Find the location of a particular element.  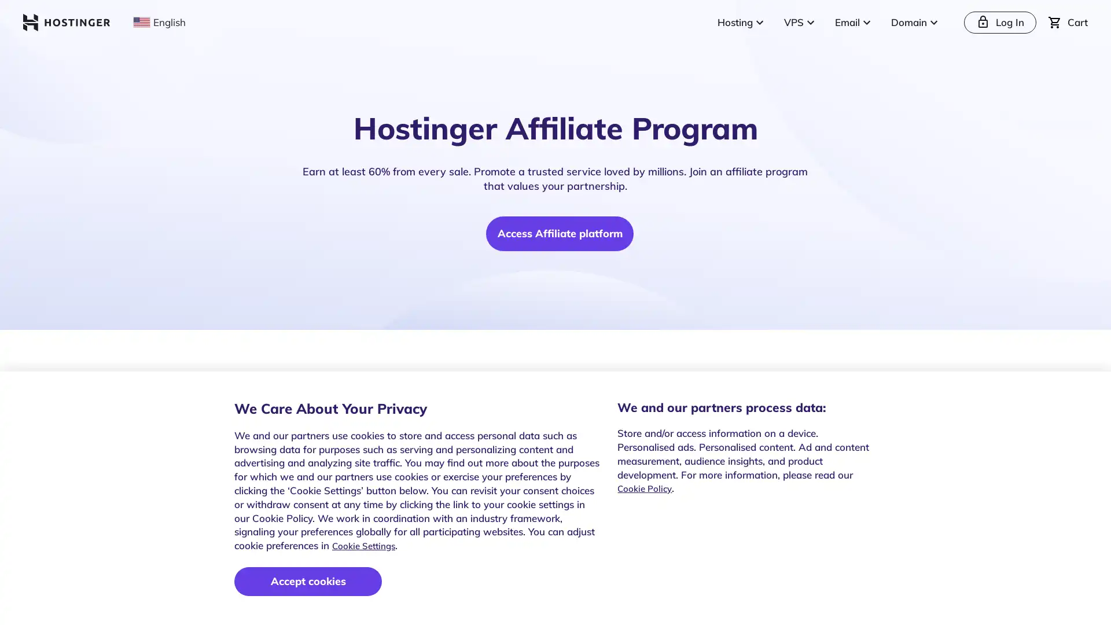

Accept cookies is located at coordinates (308, 582).